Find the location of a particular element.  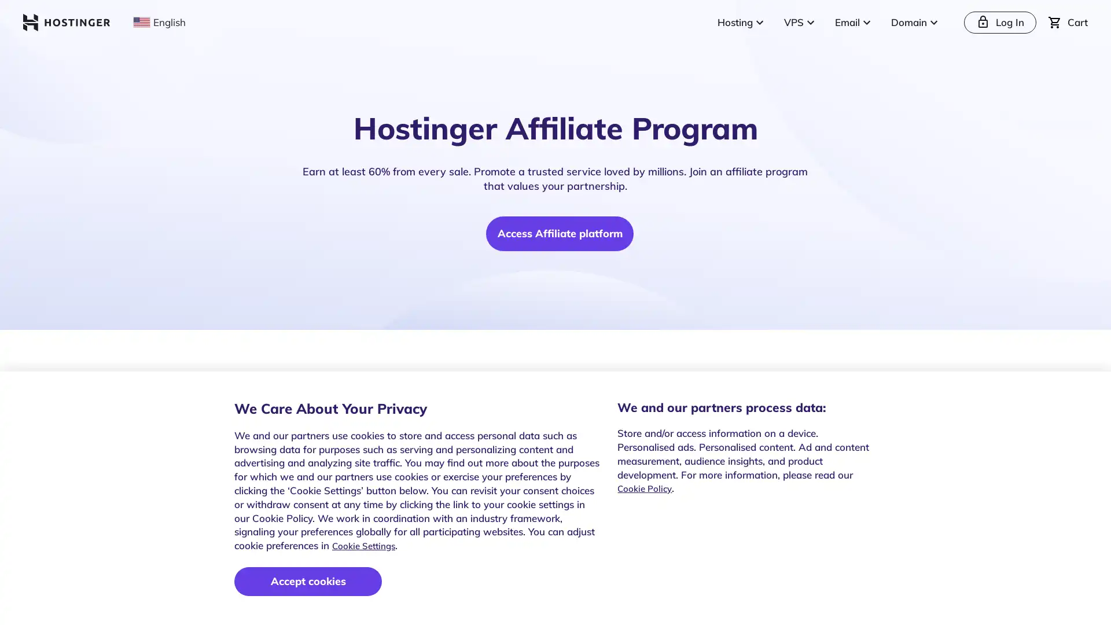

Accept cookies is located at coordinates (308, 582).